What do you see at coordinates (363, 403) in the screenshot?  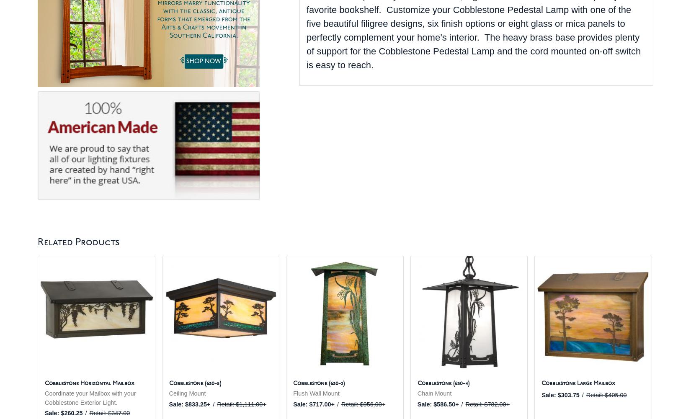 I see `'Retail: $956.00+'` at bounding box center [363, 403].